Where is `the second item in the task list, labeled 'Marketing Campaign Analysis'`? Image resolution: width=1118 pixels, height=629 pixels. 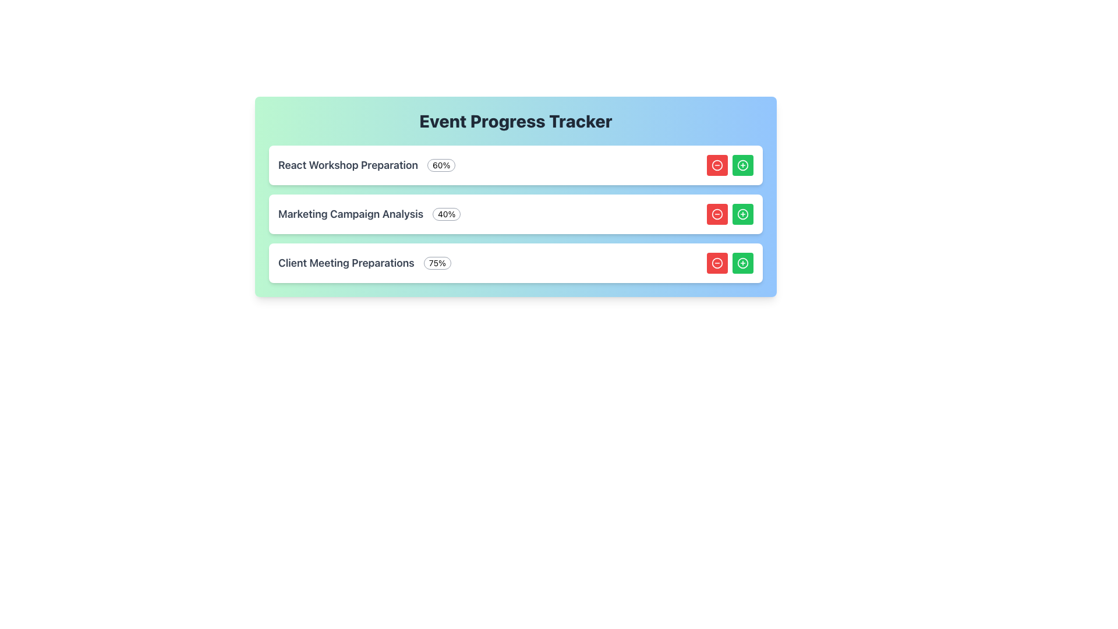
the second item in the task list, labeled 'Marketing Campaign Analysis' is located at coordinates (515, 214).